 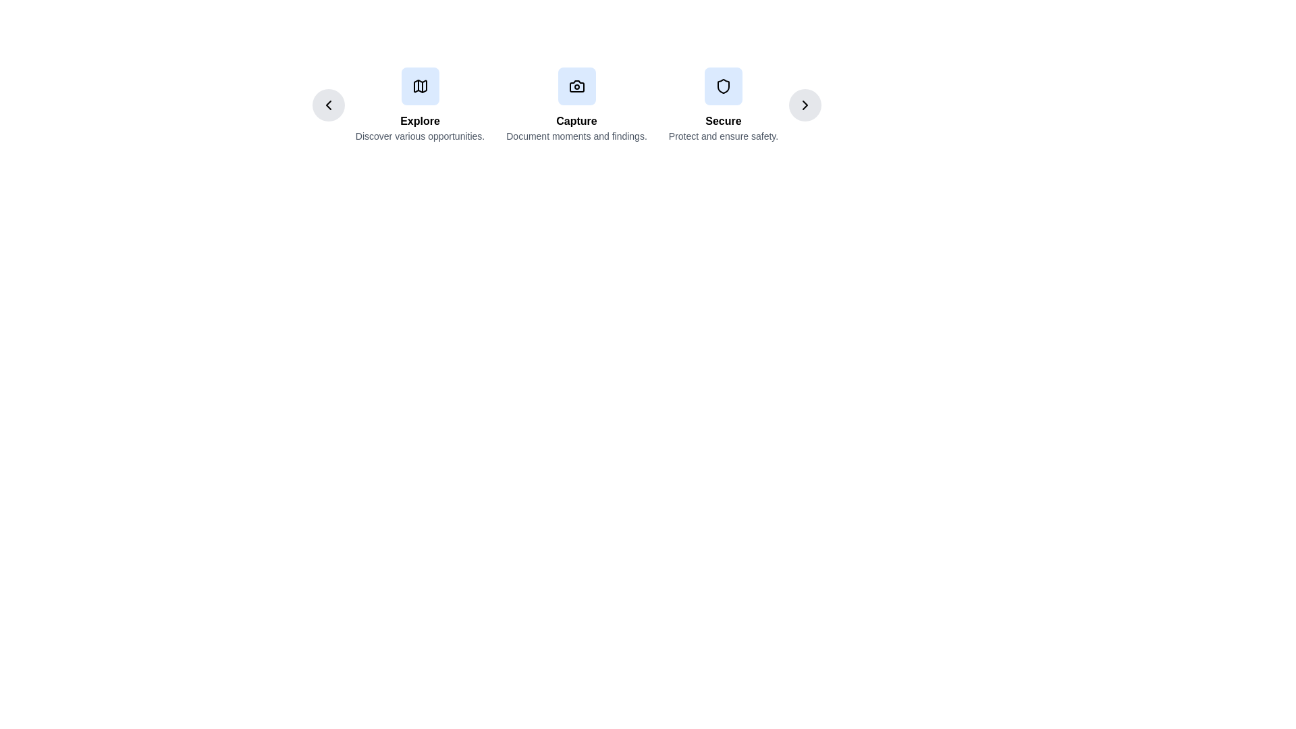 What do you see at coordinates (722, 86) in the screenshot?
I see `the shield icon in the 'Secure' section to trigger a tooltip or visual effect` at bounding box center [722, 86].